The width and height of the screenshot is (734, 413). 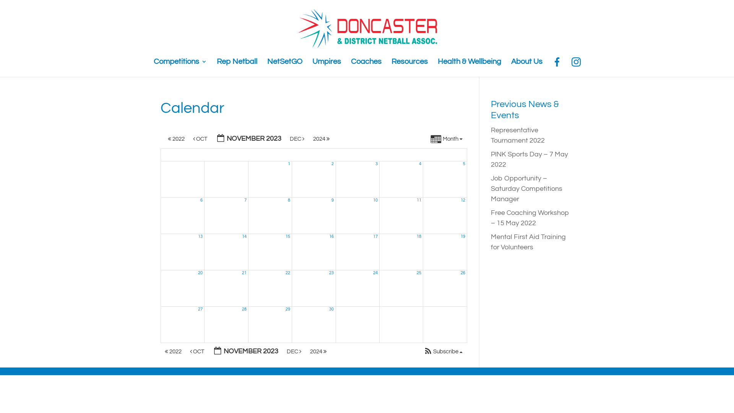 What do you see at coordinates (375, 236) in the screenshot?
I see `'17'` at bounding box center [375, 236].